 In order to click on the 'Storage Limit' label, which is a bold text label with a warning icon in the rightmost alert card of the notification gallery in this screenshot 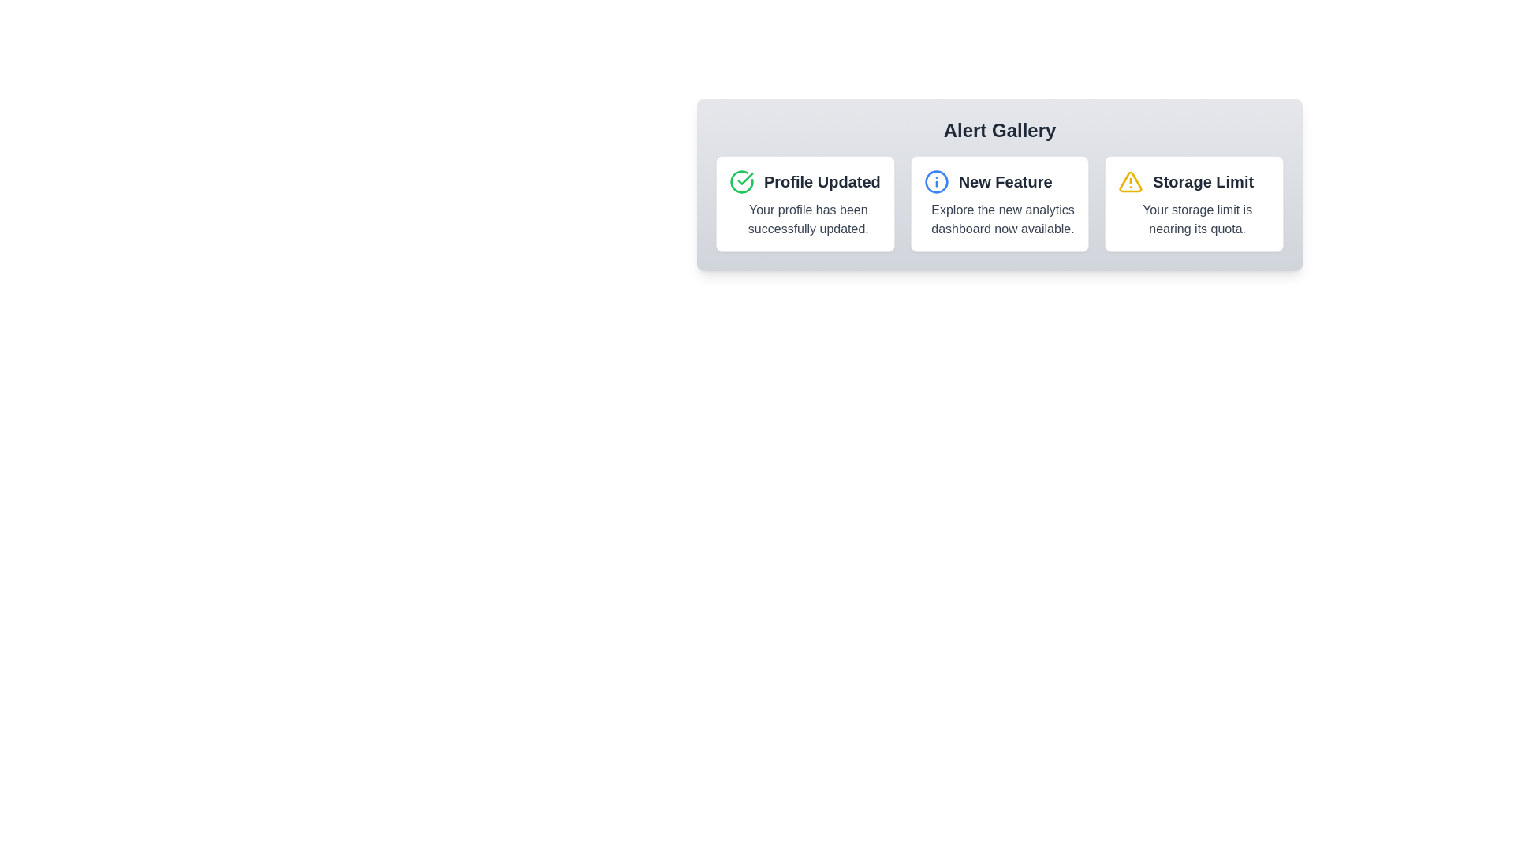, I will do `click(1194, 181)`.